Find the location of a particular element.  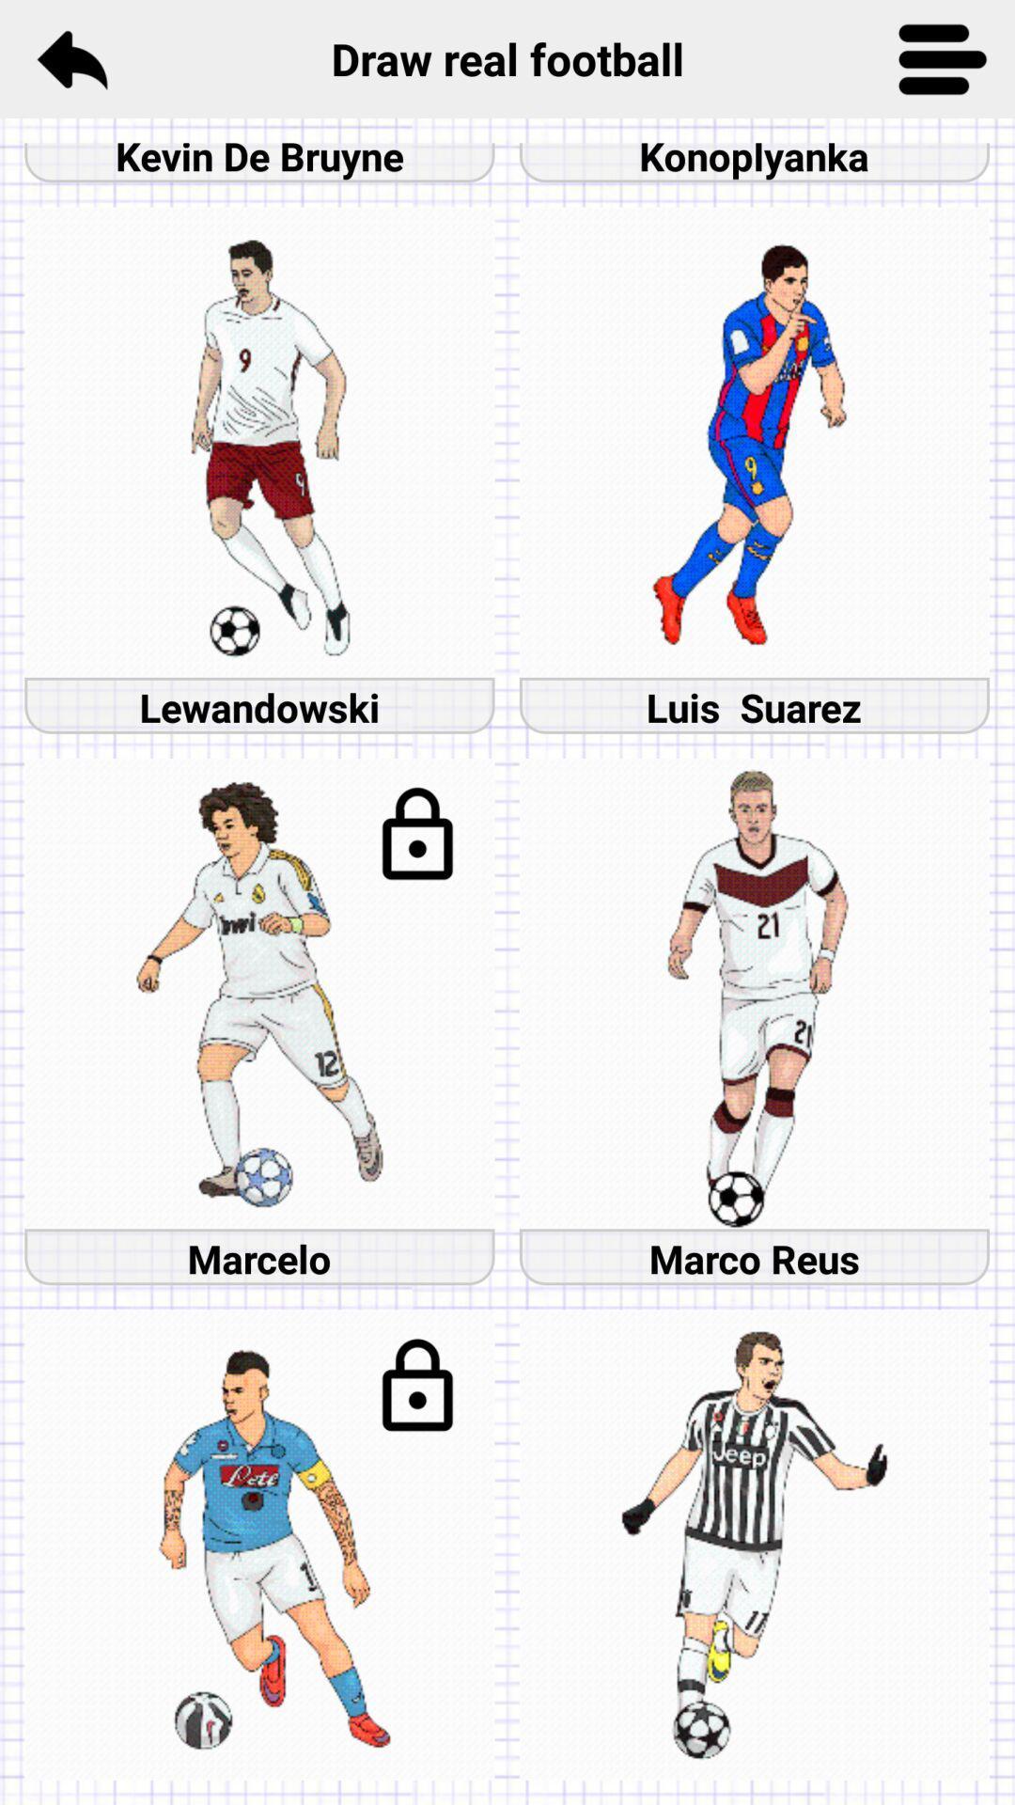

the item to the left of the draw real football is located at coordinates (70, 58).